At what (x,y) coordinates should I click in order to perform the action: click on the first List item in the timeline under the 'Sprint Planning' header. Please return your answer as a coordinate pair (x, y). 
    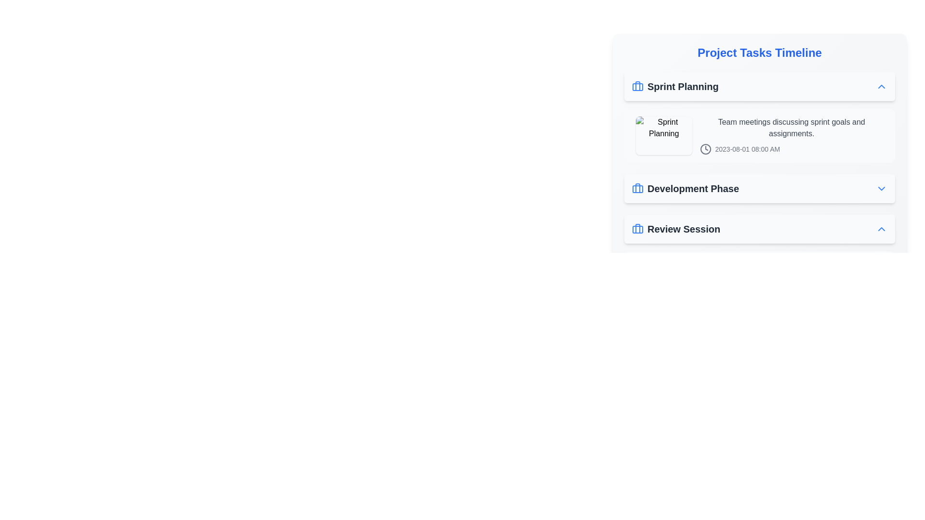
    Looking at the image, I should click on (759, 117).